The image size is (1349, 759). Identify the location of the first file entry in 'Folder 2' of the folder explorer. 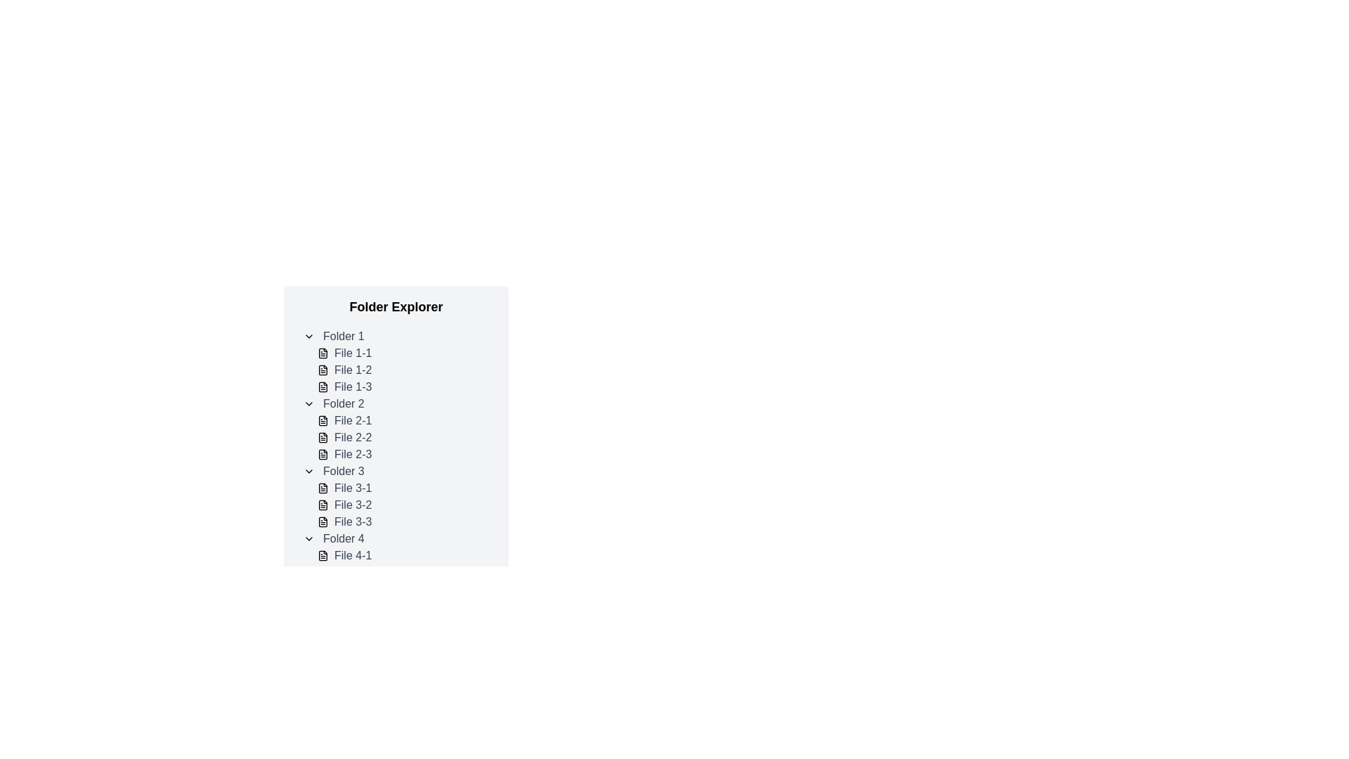
(407, 420).